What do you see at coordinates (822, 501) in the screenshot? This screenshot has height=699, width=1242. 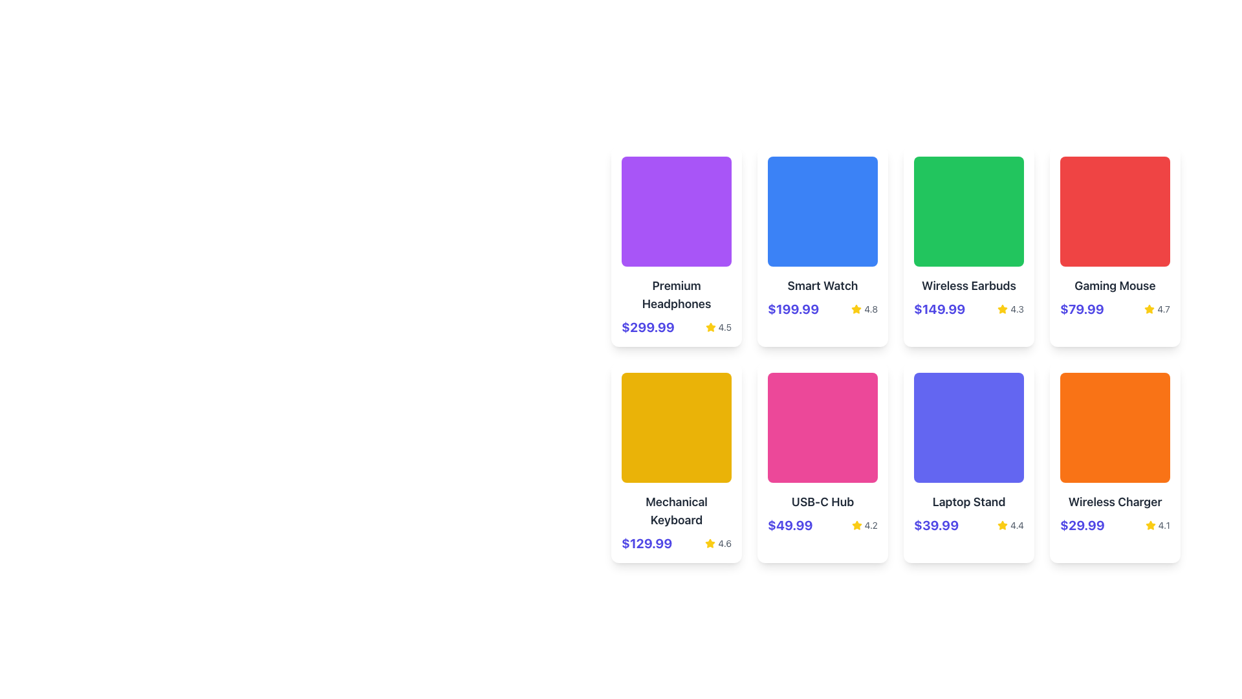 I see `the 'USB-C Hub' text label, which is styled with a bold font and dark gray color, located in the second row, second column of the product card layout for potential interaction if enabled` at bounding box center [822, 501].